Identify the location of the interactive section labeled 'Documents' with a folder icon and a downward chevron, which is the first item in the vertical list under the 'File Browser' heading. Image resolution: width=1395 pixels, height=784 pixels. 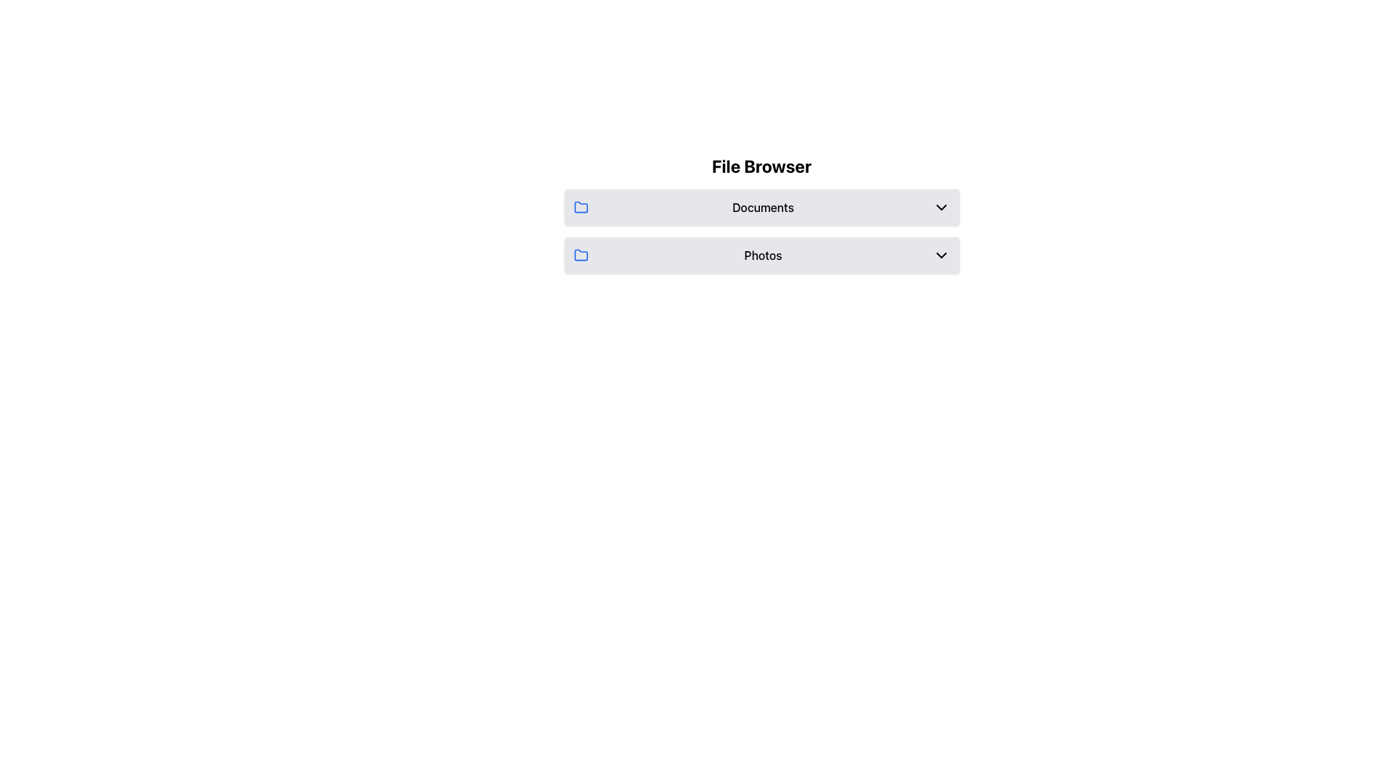
(761, 207).